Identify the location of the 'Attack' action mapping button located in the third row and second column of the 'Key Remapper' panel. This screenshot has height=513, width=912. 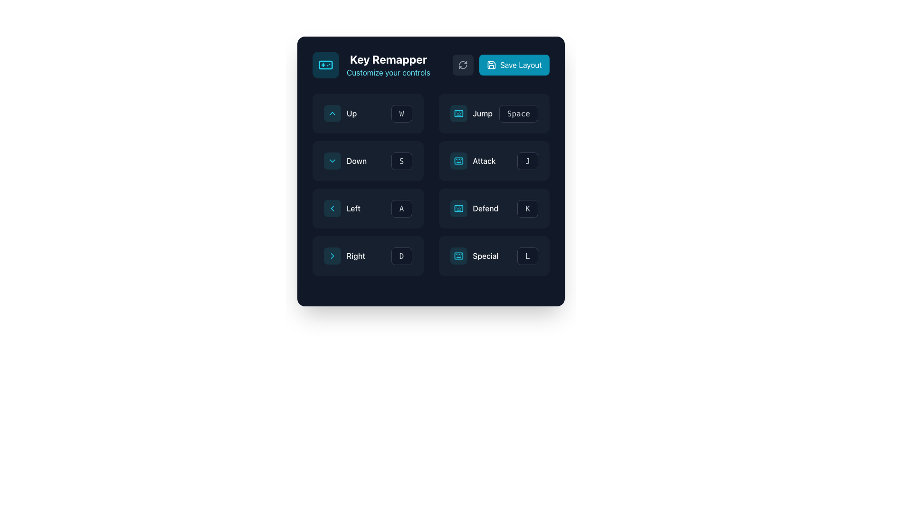
(473, 161).